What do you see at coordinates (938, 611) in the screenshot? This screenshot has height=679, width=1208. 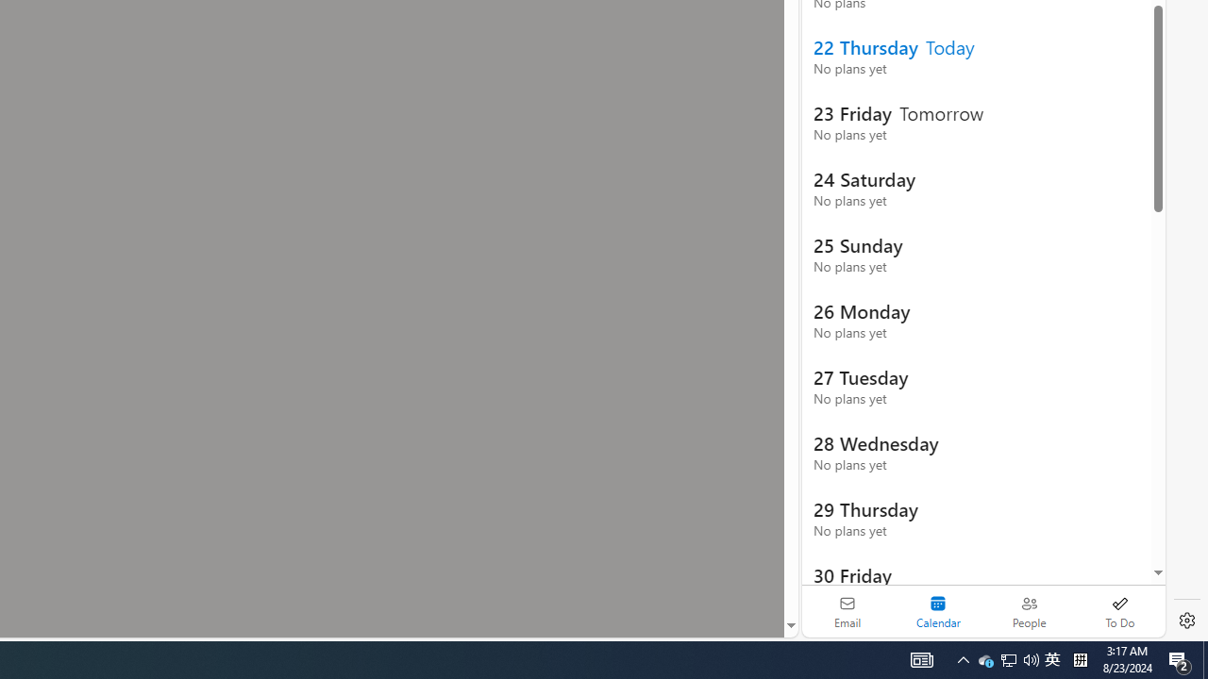 I see `'Selected calendar module. Date today is 22'` at bounding box center [938, 611].